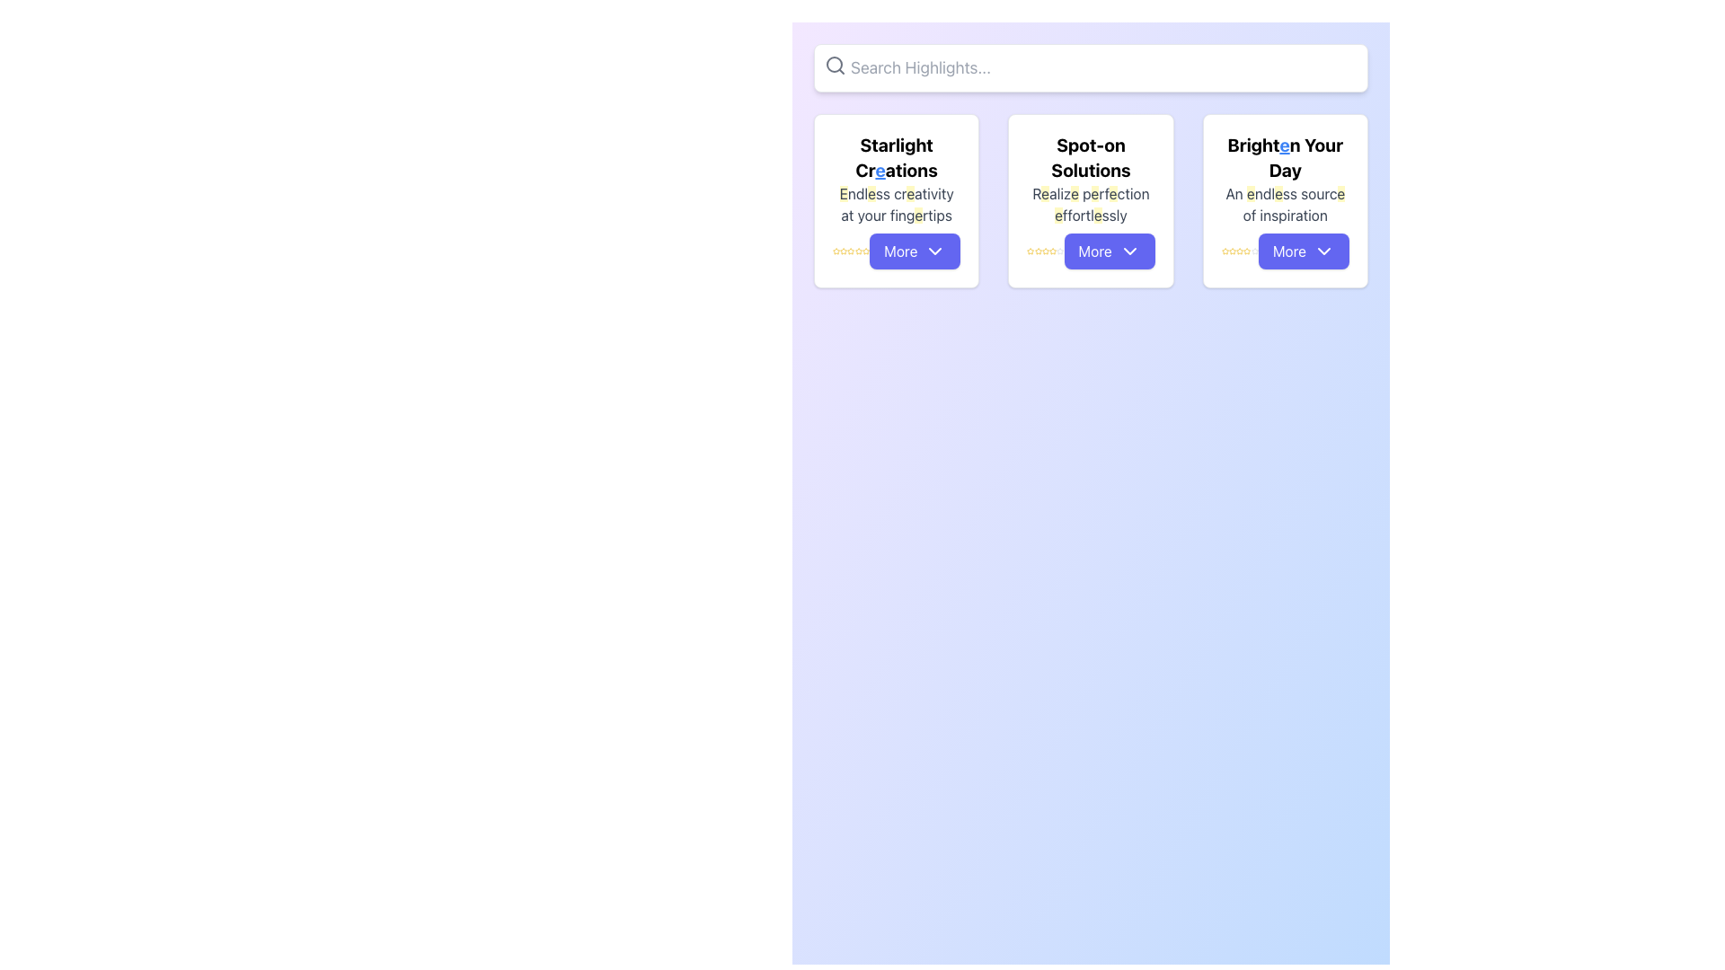 The height and width of the screenshot is (970, 1725). What do you see at coordinates (1235, 194) in the screenshot?
I see `the static text element that is the first word in the phrase 'An endless source of inspiration' located in the third card under the title 'Brighten Your Day'` at bounding box center [1235, 194].